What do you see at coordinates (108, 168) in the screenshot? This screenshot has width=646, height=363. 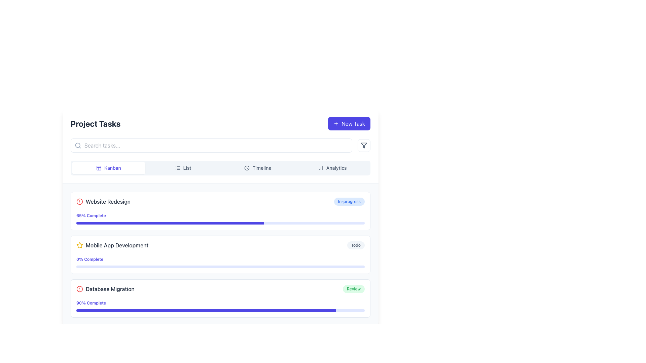 I see `the Kanban-style view button located as the first item in the horizontal navigation group at the top of the page` at bounding box center [108, 168].